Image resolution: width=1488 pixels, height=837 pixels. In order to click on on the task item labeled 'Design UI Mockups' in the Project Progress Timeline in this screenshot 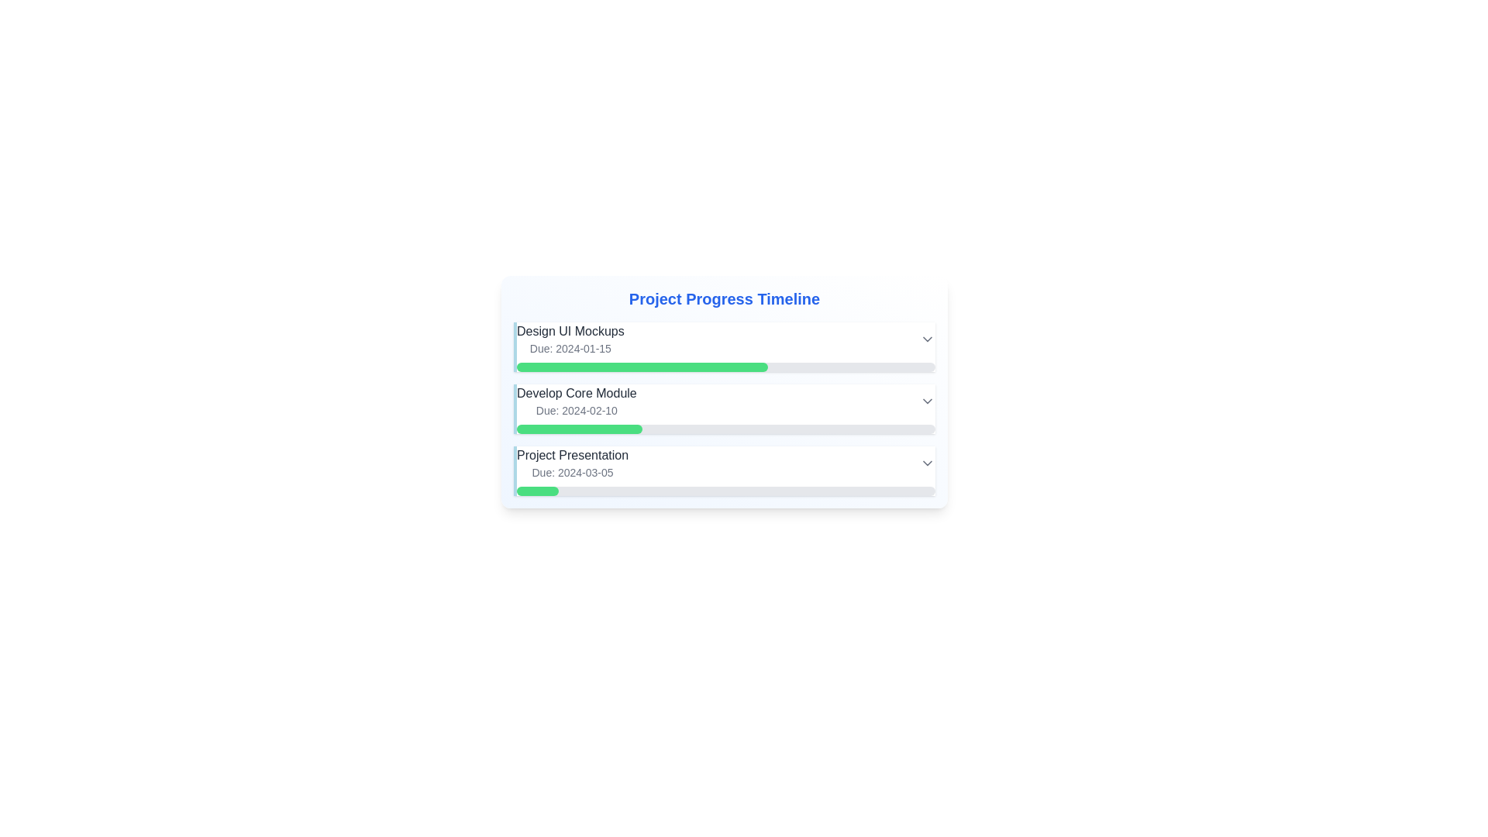, I will do `click(724, 346)`.